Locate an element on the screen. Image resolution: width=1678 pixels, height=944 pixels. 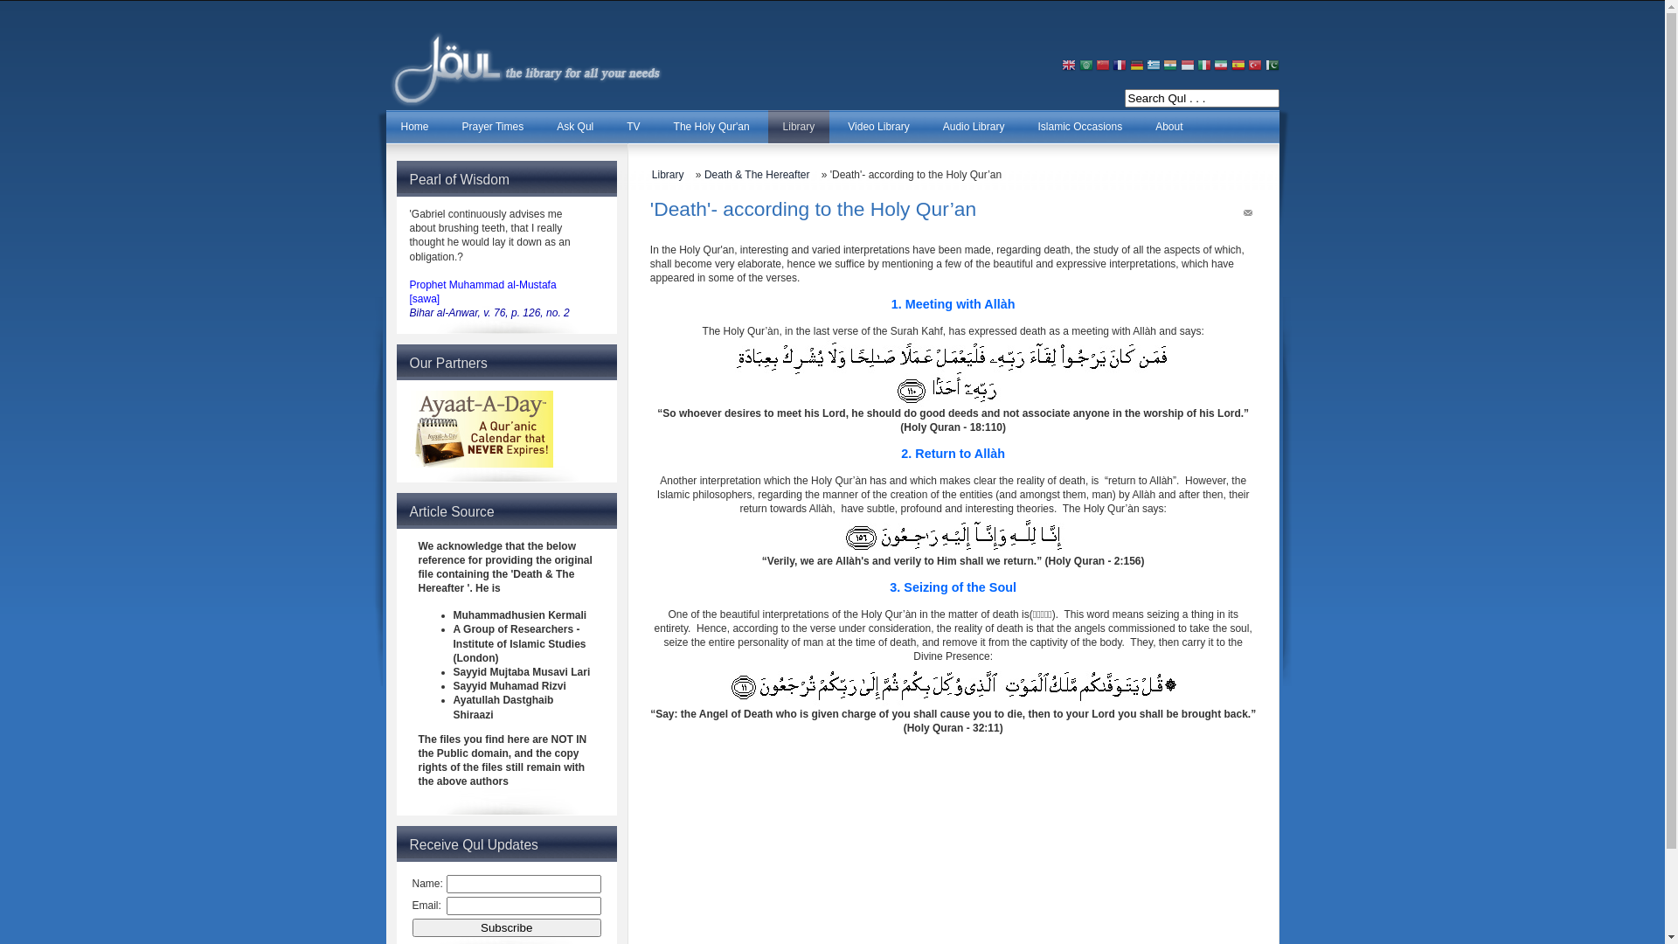
'Indonesian' is located at coordinates (1187, 66).